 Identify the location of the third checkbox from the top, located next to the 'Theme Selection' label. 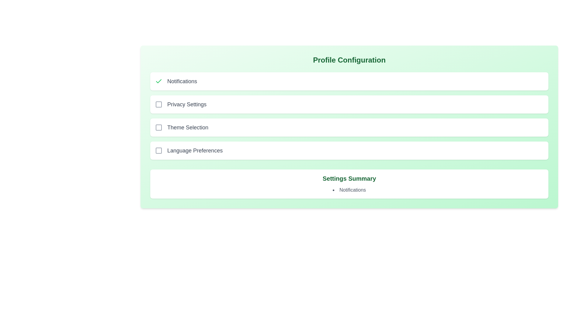
(159, 127).